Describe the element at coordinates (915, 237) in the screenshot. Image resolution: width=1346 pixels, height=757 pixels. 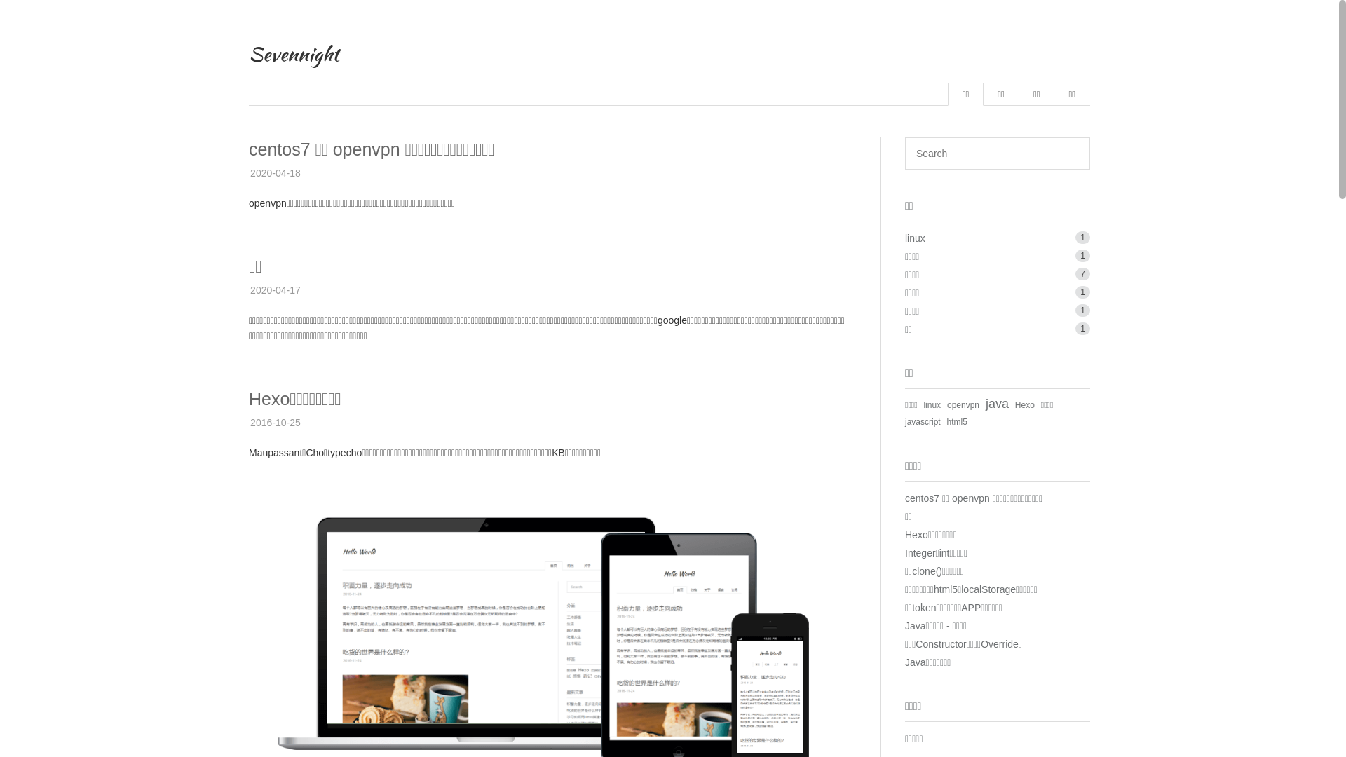
I see `'linux'` at that location.